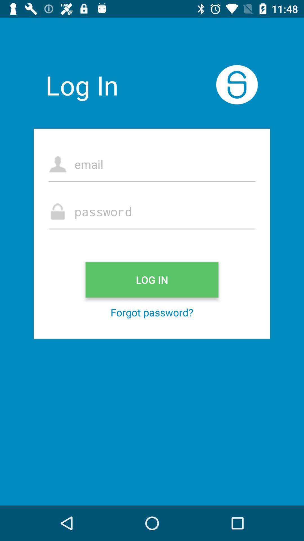  What do you see at coordinates (152, 164) in the screenshot?
I see `email` at bounding box center [152, 164].